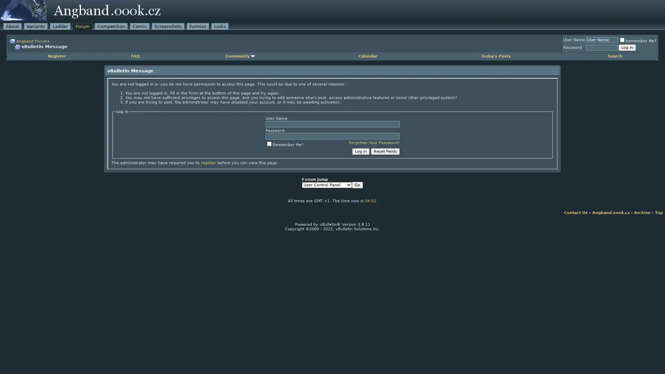 This screenshot has height=374, width=665. What do you see at coordinates (360, 151) in the screenshot?
I see `Log in` at bounding box center [360, 151].